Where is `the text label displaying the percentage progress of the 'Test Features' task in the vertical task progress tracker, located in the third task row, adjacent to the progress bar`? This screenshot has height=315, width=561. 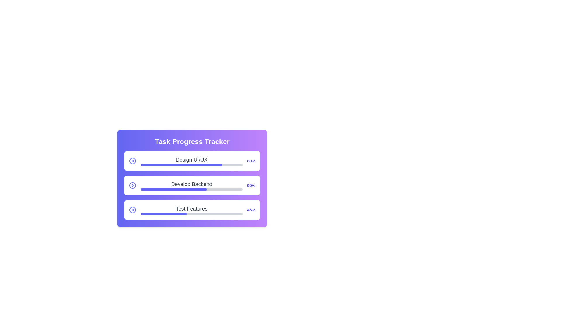 the text label displaying the percentage progress of the 'Test Features' task in the vertical task progress tracker, located in the third task row, adjacent to the progress bar is located at coordinates (251, 210).